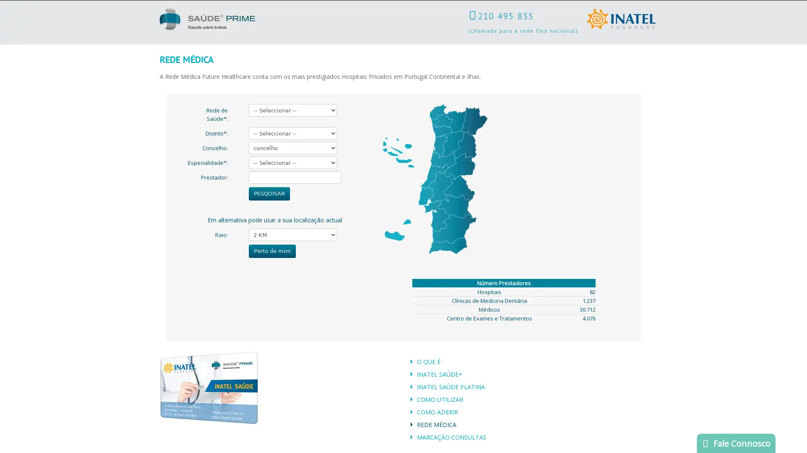  I want to click on Perto de mim, so click(272, 250).